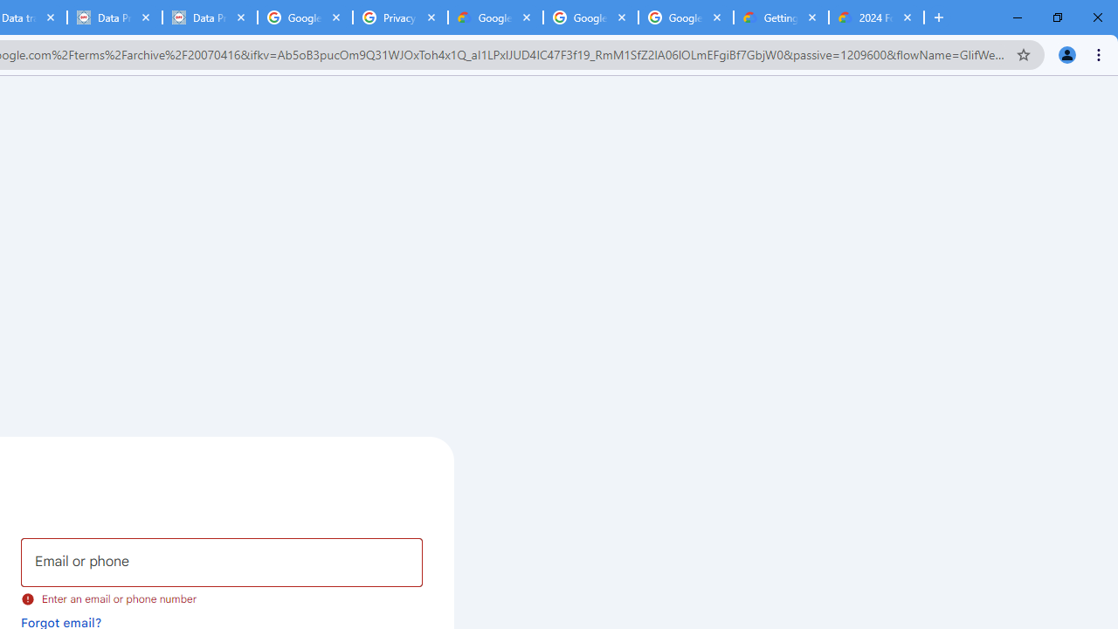 The width and height of the screenshot is (1118, 629). I want to click on 'Google Workspace - Specific Terms', so click(685, 17).